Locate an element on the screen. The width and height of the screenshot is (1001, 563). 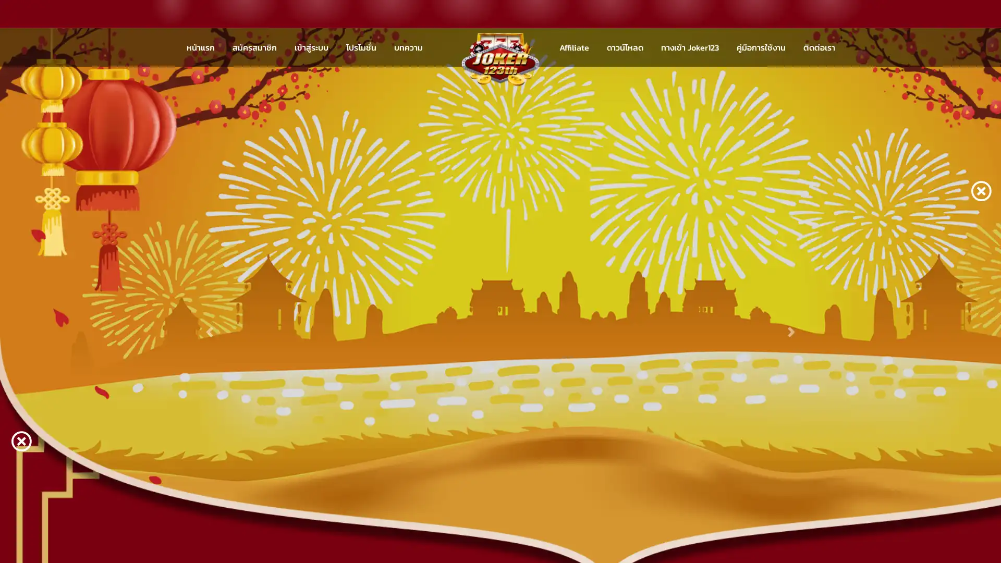
Next is located at coordinates (791, 289).